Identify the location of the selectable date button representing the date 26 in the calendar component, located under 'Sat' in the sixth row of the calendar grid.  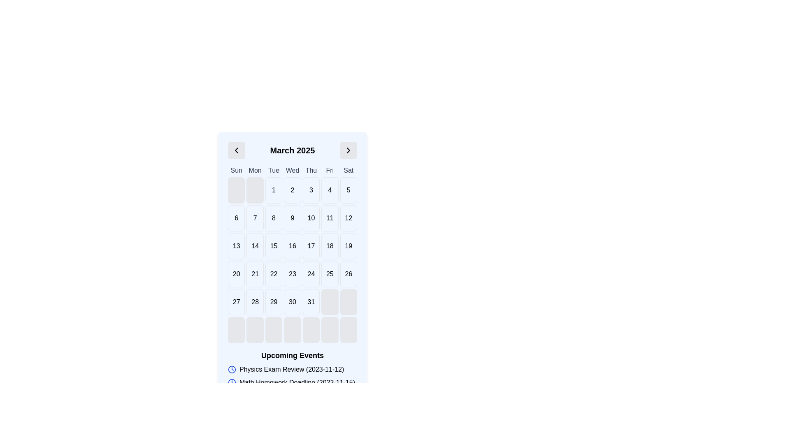
(349, 274).